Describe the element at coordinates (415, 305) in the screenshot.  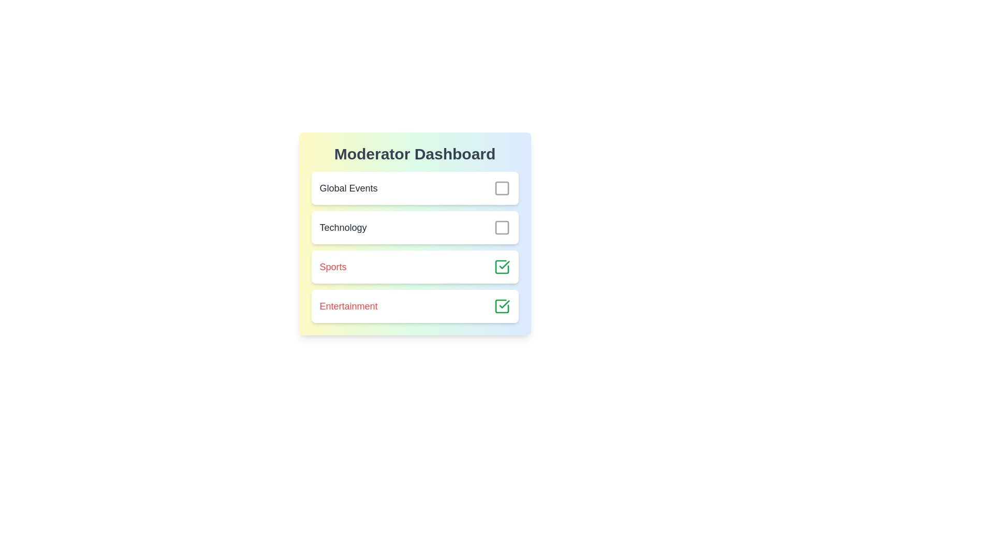
I see `the list item corresponding to Entertainment` at that location.